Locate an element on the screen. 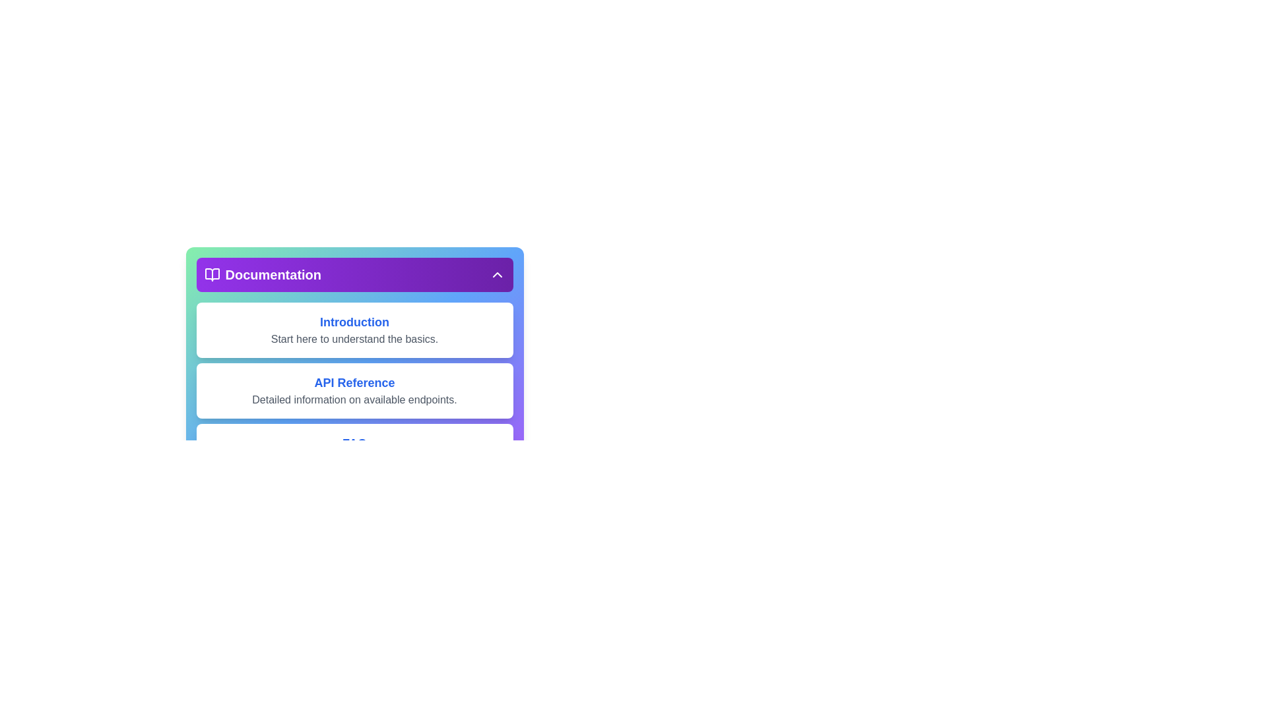 The image size is (1267, 712). the documentation section Introduction to view its details is located at coordinates (354, 330).